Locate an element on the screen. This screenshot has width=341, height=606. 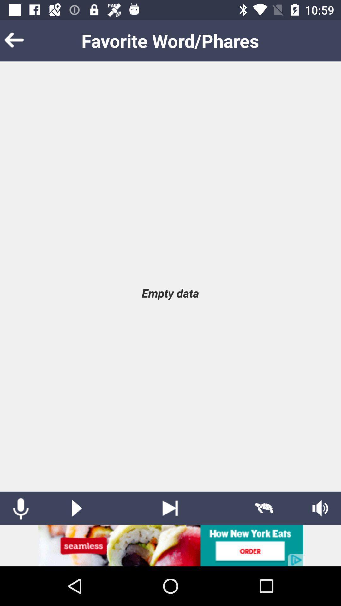
mute the microphone is located at coordinates (20, 508).